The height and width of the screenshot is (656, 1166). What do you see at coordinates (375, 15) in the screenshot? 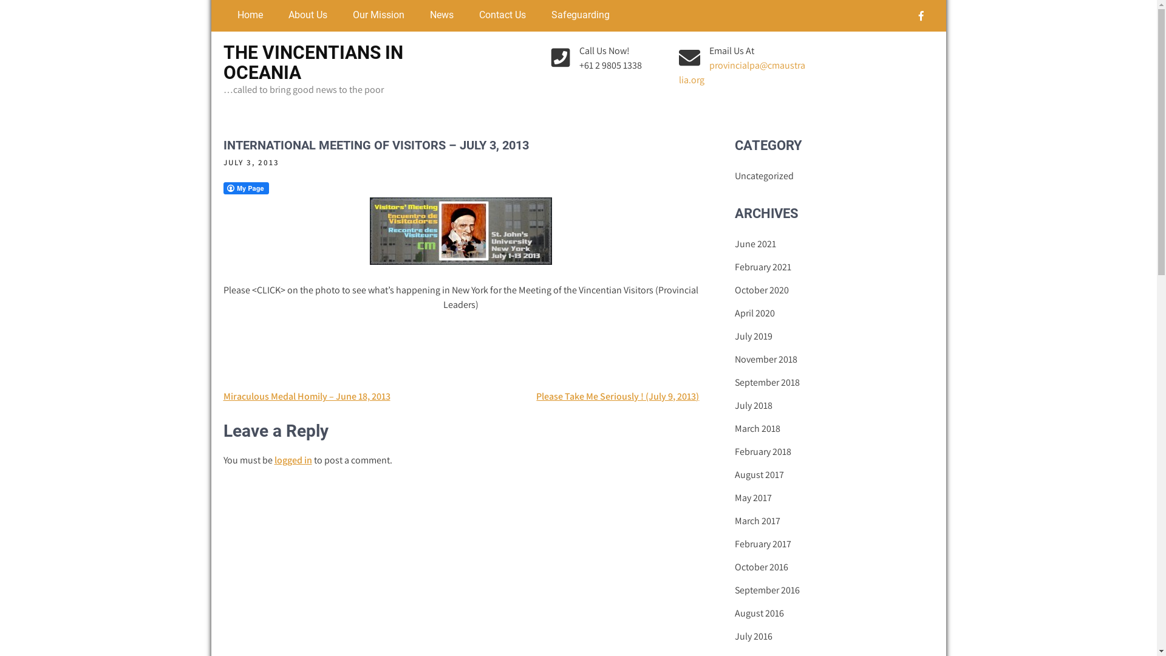
I see `'Our Mission'` at bounding box center [375, 15].